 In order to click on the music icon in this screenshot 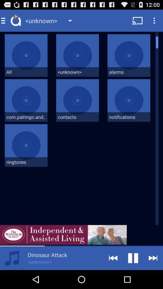, I will do `click(12, 276)`.